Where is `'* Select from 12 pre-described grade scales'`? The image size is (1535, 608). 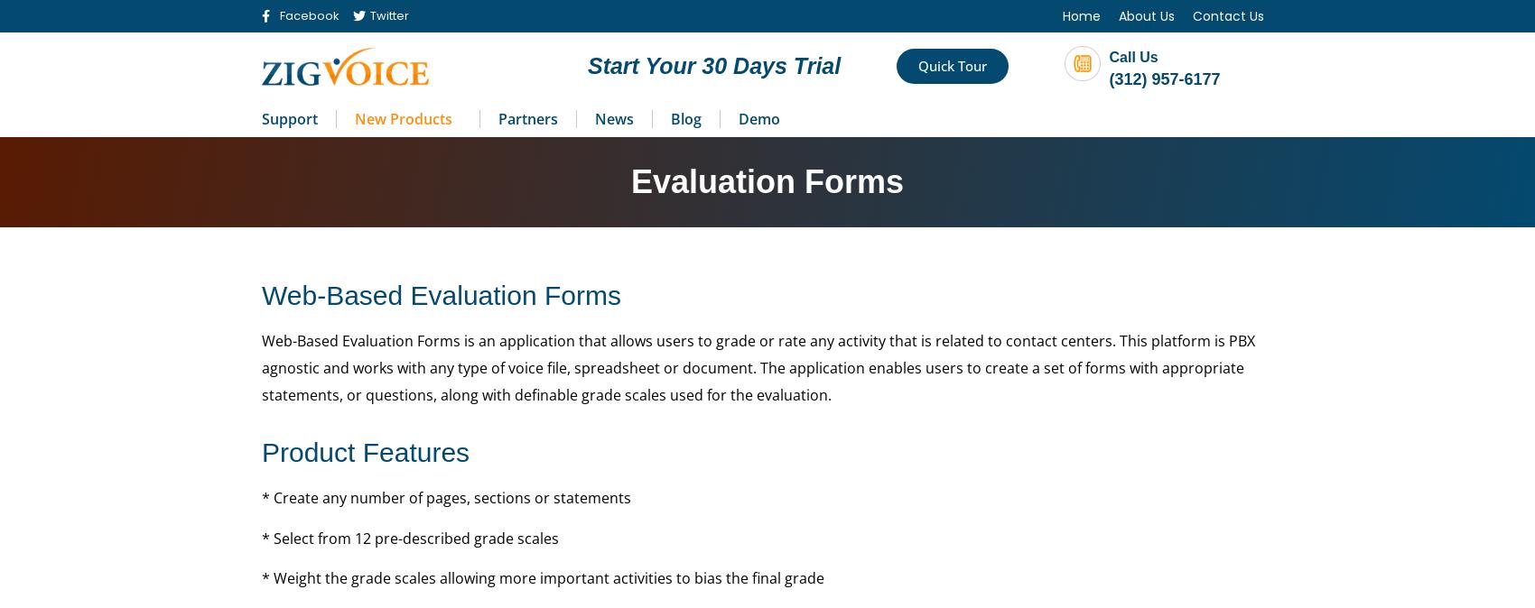 '* Select from 12 pre-described grade scales' is located at coordinates (410, 538).